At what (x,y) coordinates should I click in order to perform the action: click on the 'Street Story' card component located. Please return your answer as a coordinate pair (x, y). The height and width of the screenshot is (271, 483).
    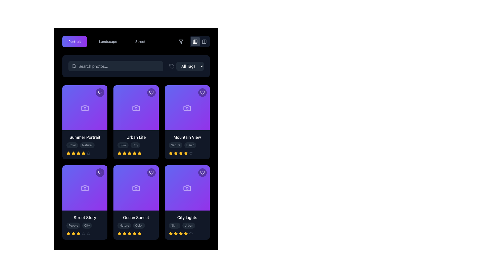
    Looking at the image, I should click on (85, 202).